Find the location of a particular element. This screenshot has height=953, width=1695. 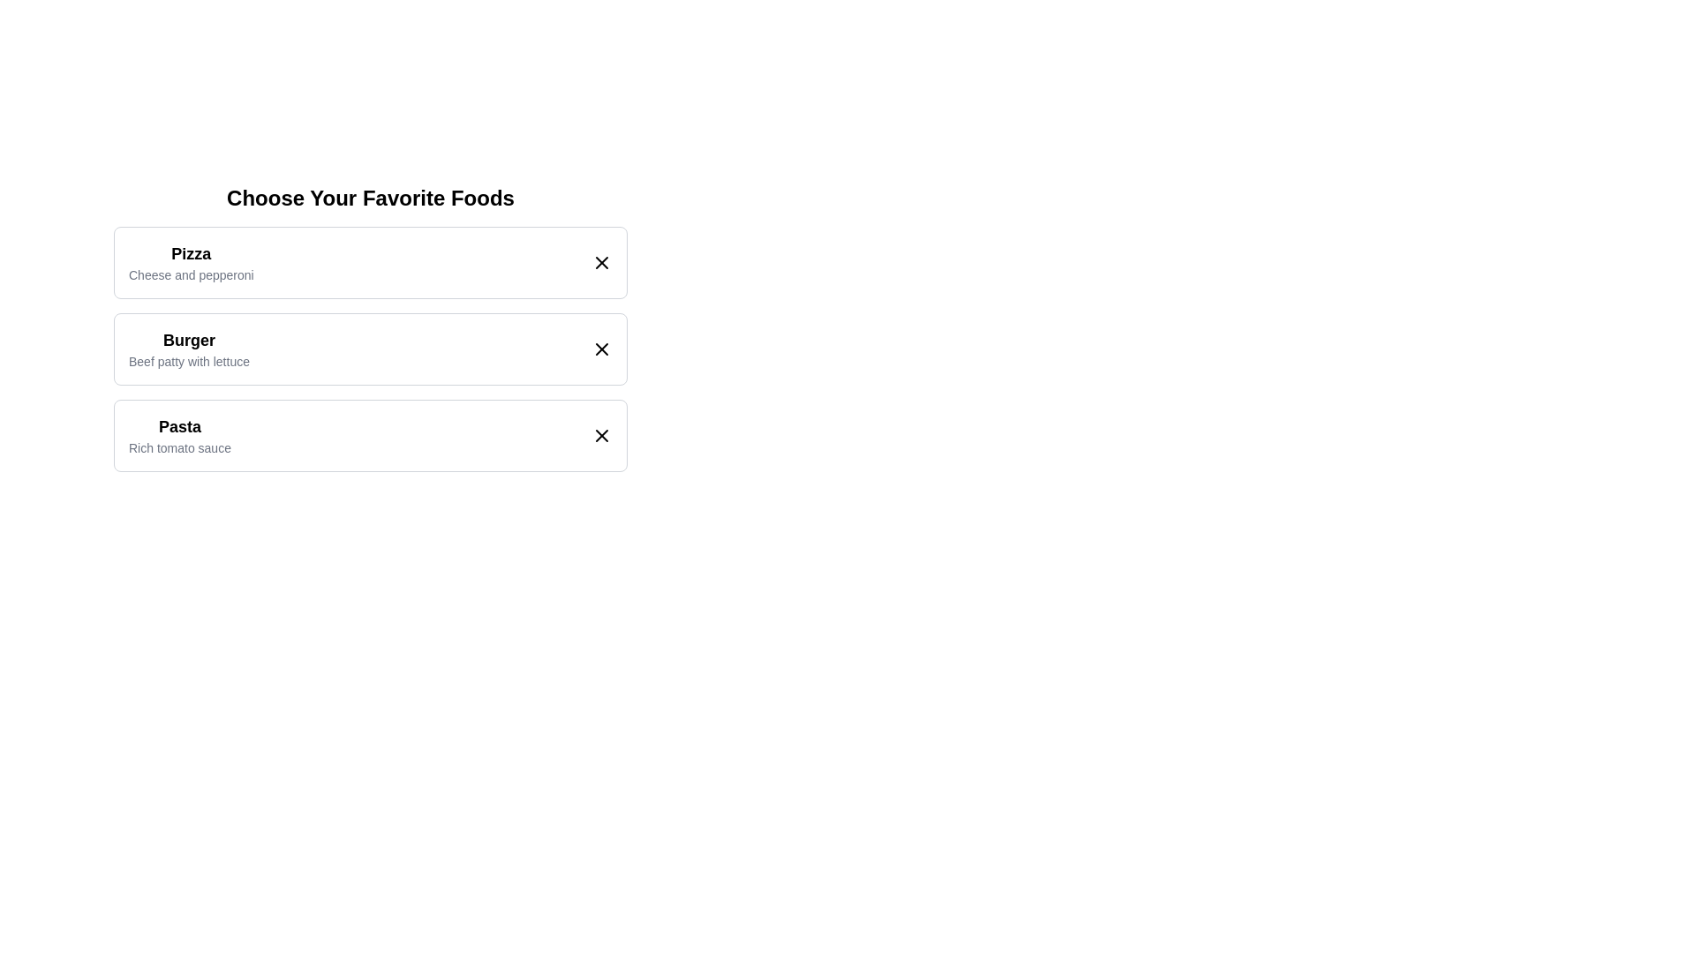

the close icon located on the far right side of the 'Burger' menu item is located at coordinates (601, 349).